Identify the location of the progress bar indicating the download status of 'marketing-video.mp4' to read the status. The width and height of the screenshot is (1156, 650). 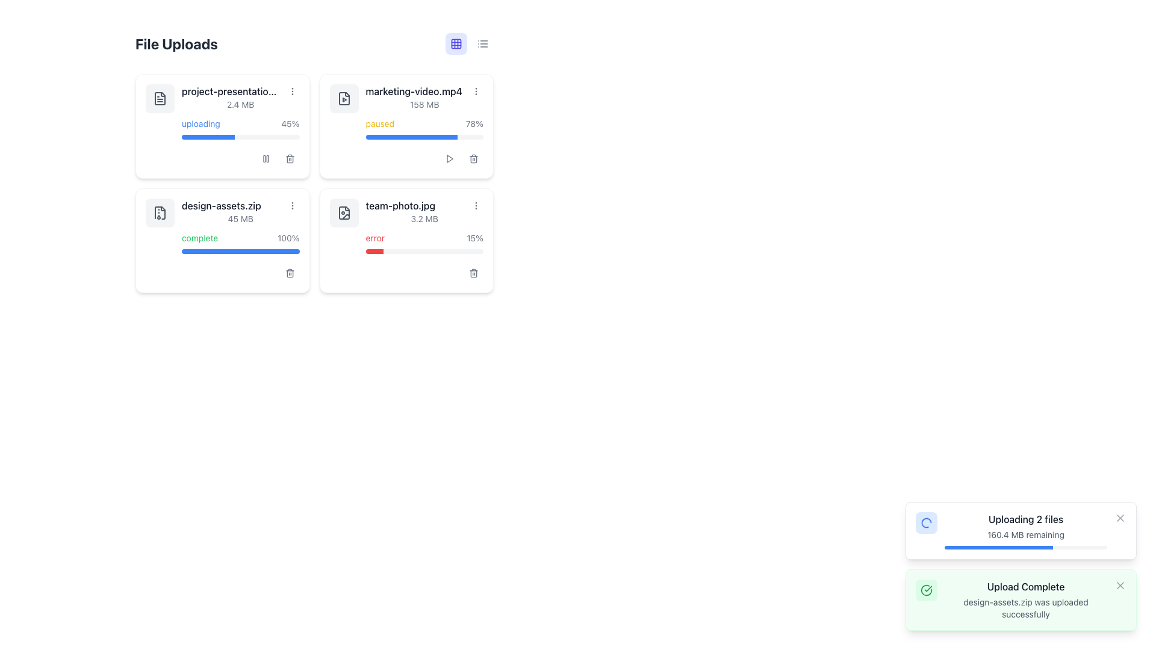
(424, 128).